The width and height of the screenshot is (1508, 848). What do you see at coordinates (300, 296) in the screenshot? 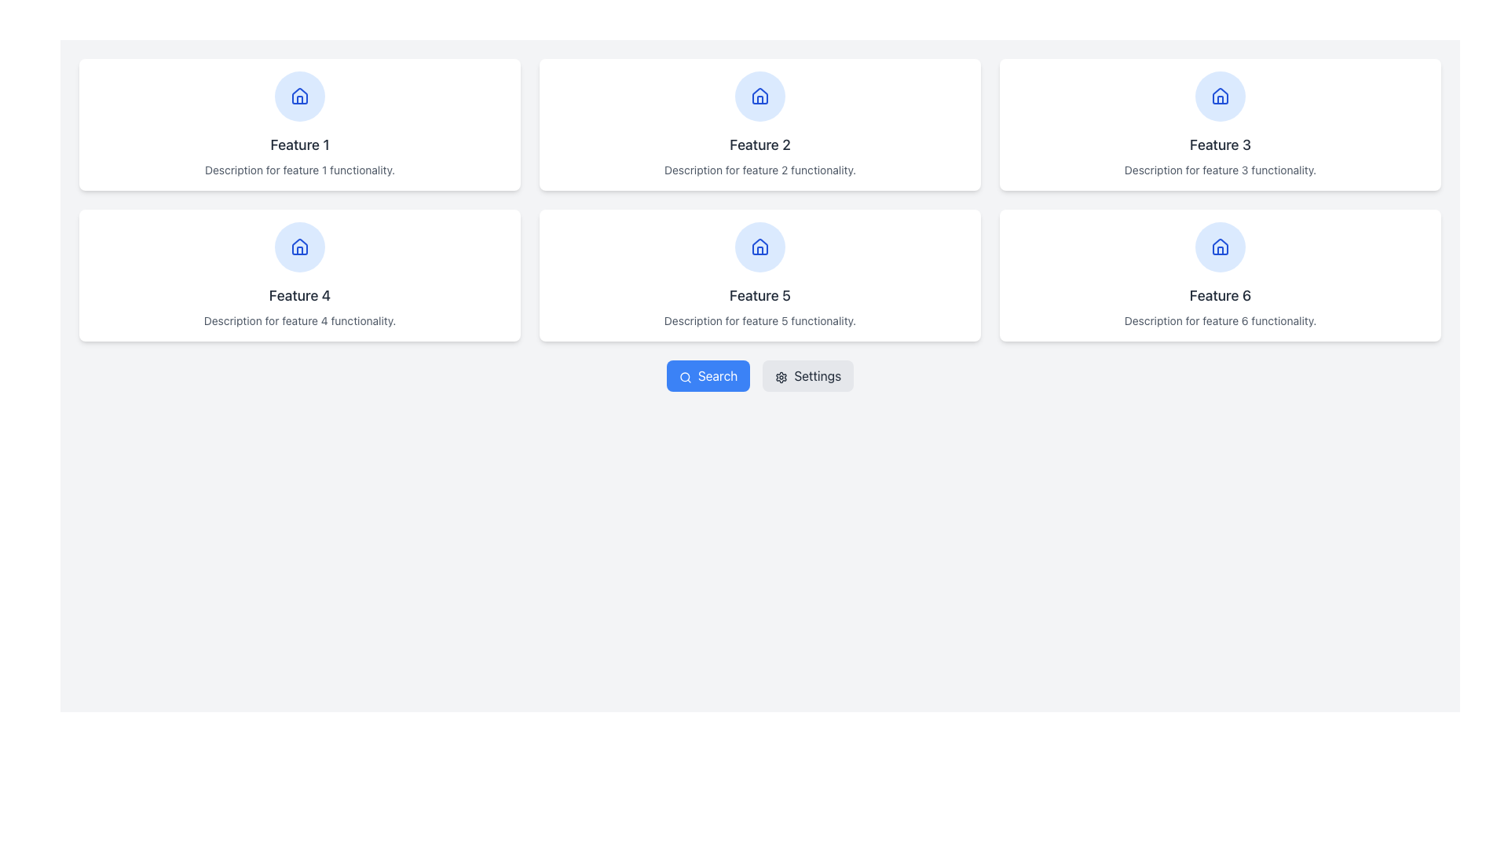
I see `text content of the title label located at the bottom center of the fourth card in a grid layout of six cards, which summarizes the feature represented by the card` at bounding box center [300, 296].